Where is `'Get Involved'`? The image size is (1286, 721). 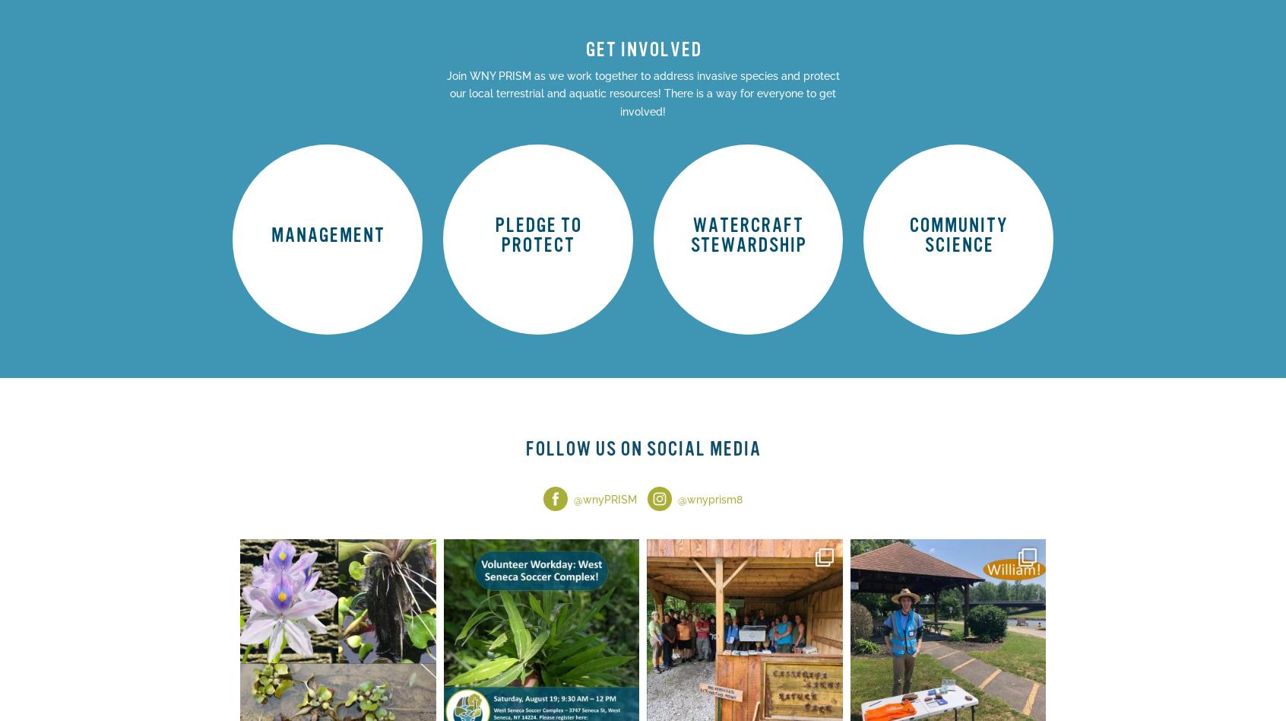
'Get Involved' is located at coordinates (958, 268).